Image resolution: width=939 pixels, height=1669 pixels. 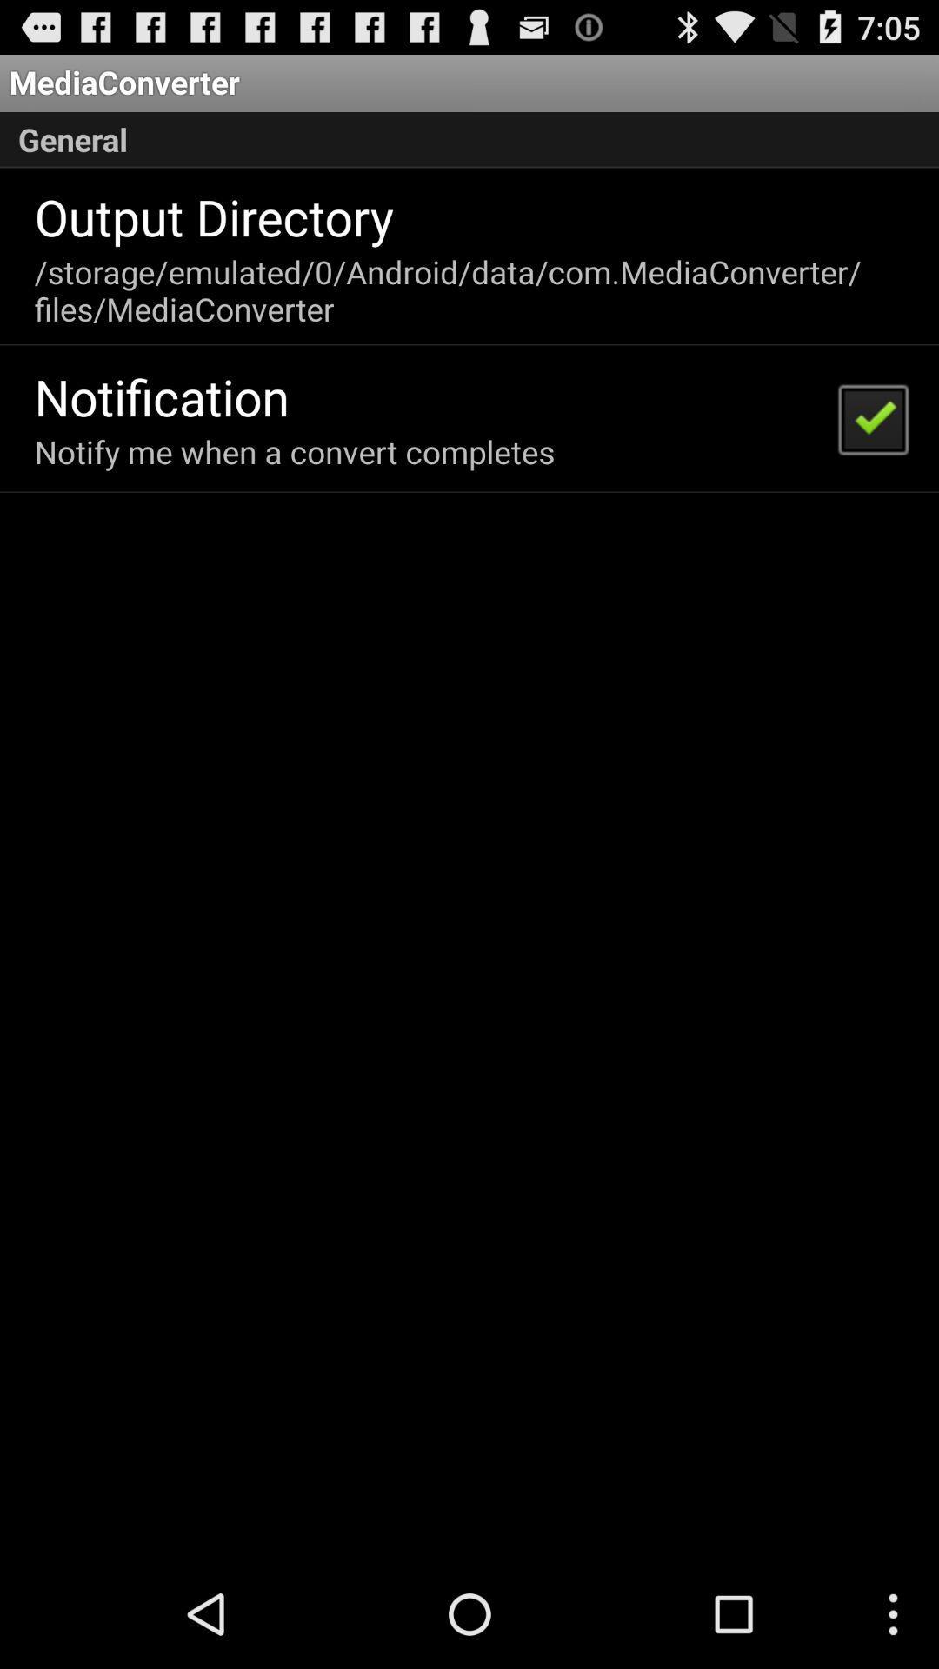 I want to click on the notification item, so click(x=162, y=396).